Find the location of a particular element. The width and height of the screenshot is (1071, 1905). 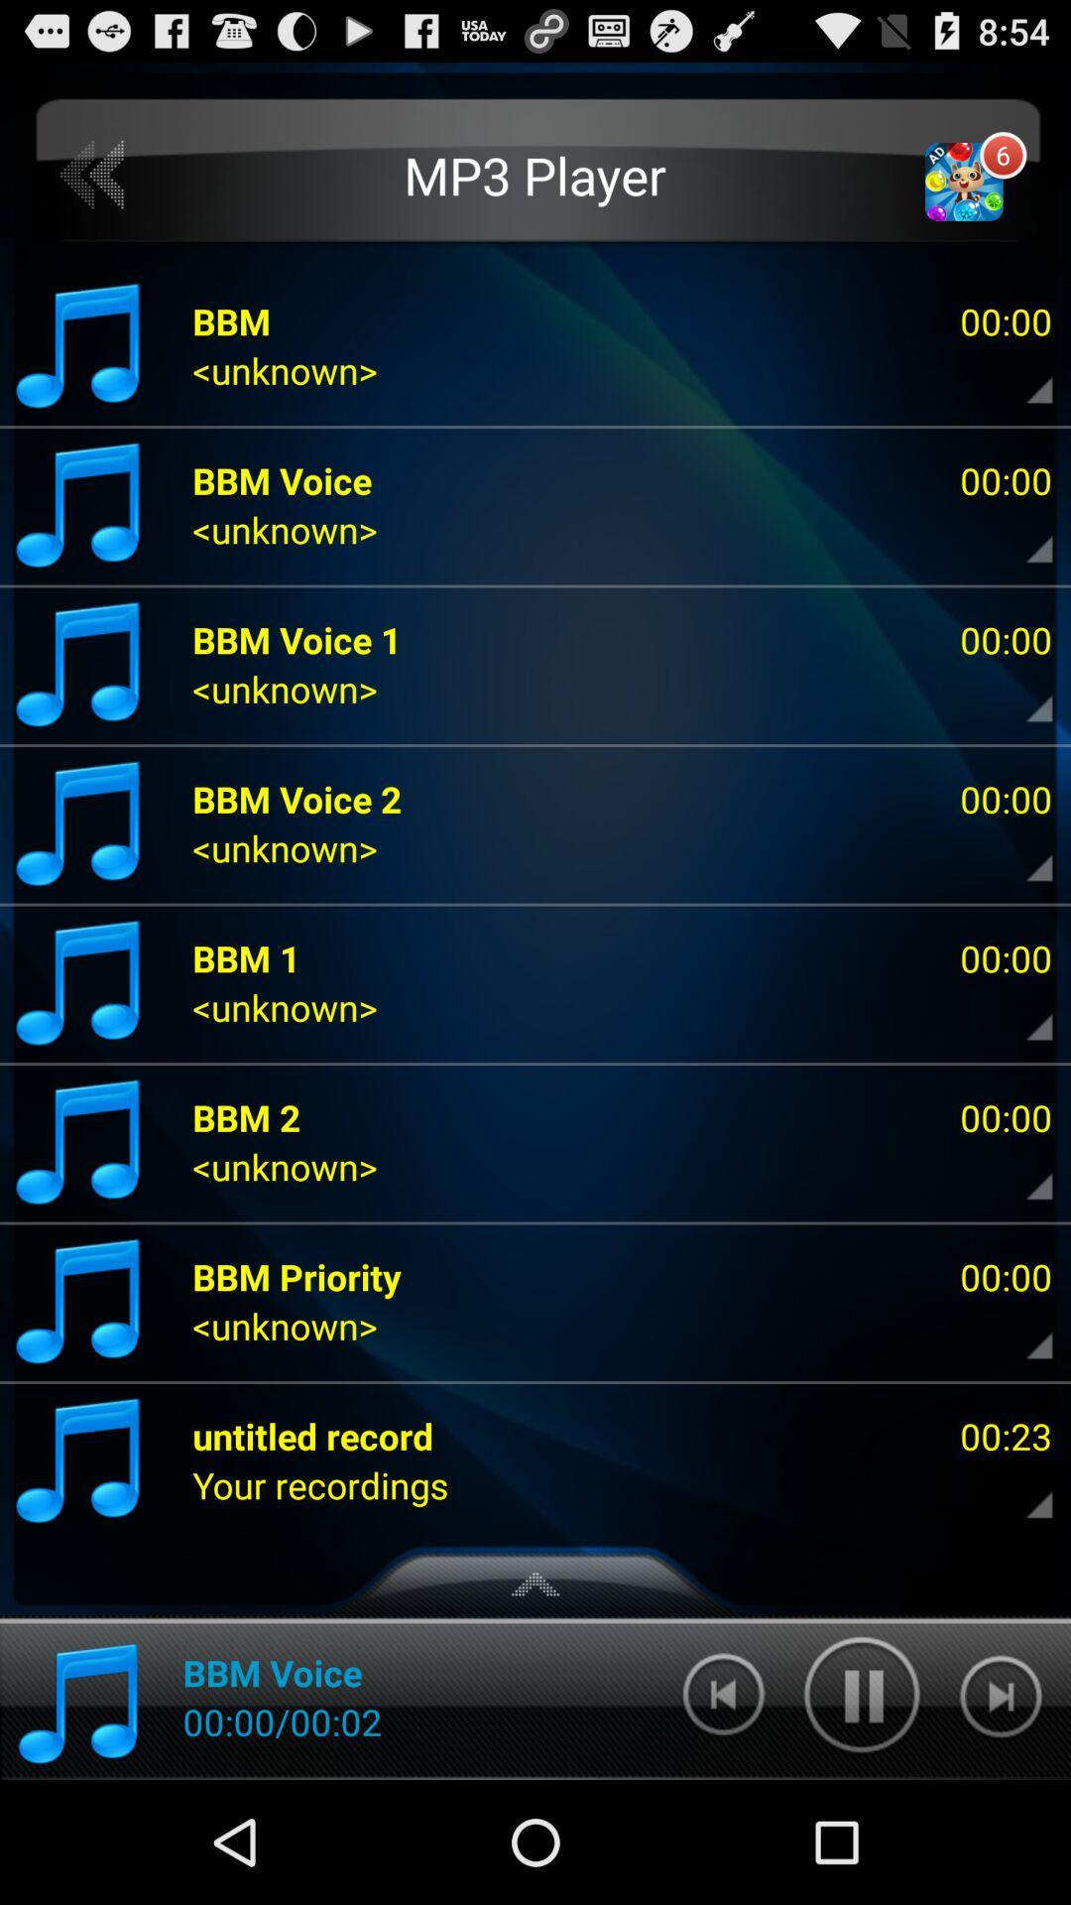

show details is located at coordinates (1022, 535).